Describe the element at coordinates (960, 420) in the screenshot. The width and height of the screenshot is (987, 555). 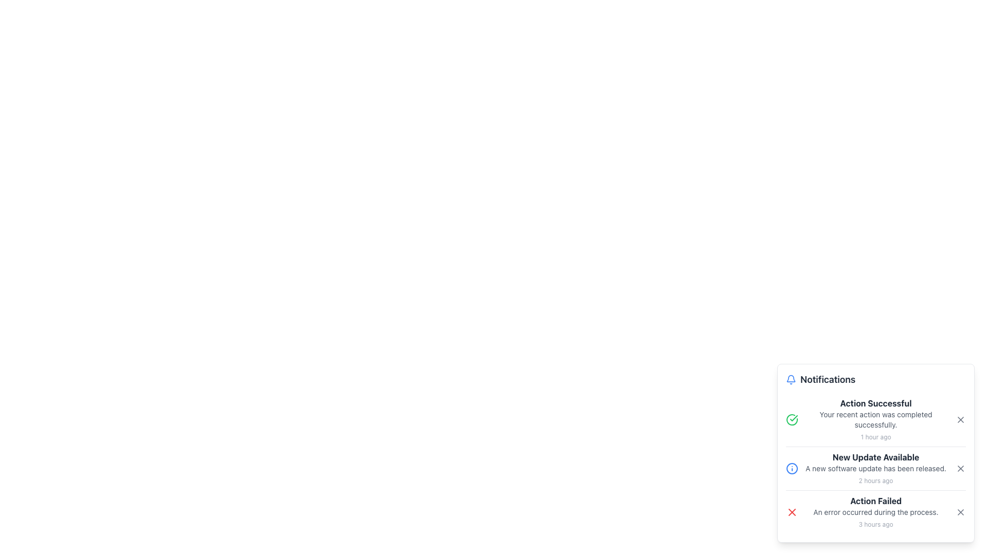
I see `the small gray 'X' button in the top-right corner of the 'Action Successful' notification` at that location.